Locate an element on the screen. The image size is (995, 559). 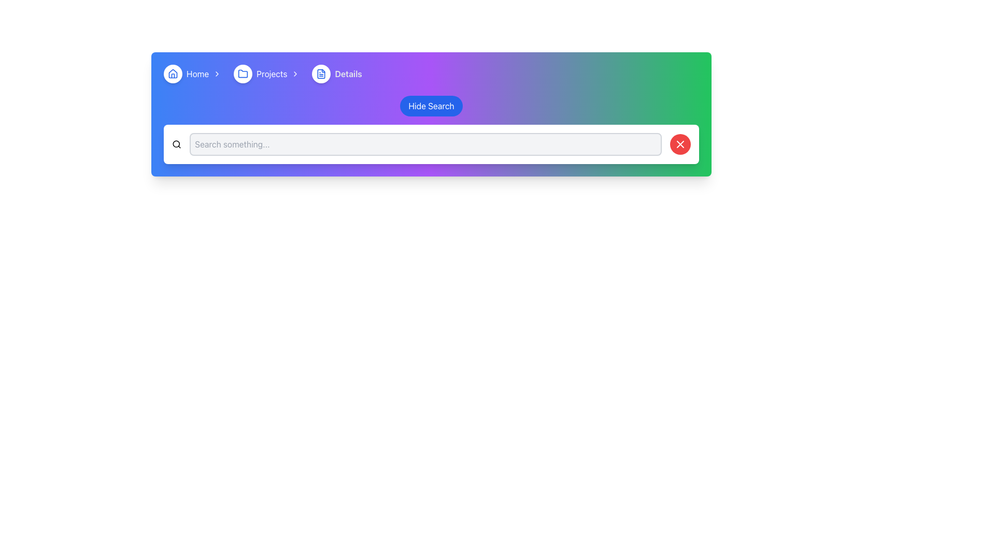
the 'Details' text label in the breadcrumb navigation bar is located at coordinates (348, 73).